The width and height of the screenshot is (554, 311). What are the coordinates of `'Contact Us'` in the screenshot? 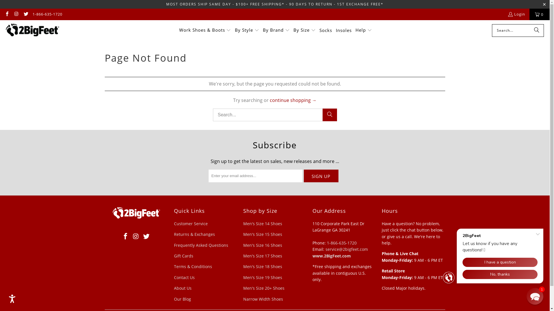 It's located at (184, 277).